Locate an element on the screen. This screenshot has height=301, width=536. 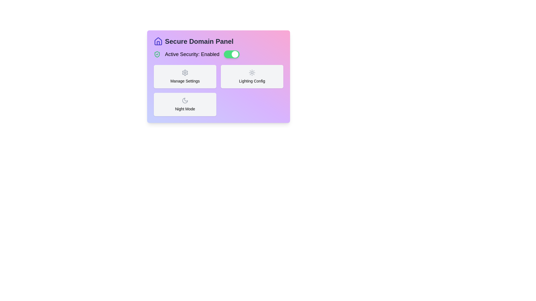
the 'Night Mode' text label, which is displayed in a medium-sized, black sans-serif font, located beneath the crescent moon icon in the 'Secure Domain Panel' is located at coordinates (185, 109).